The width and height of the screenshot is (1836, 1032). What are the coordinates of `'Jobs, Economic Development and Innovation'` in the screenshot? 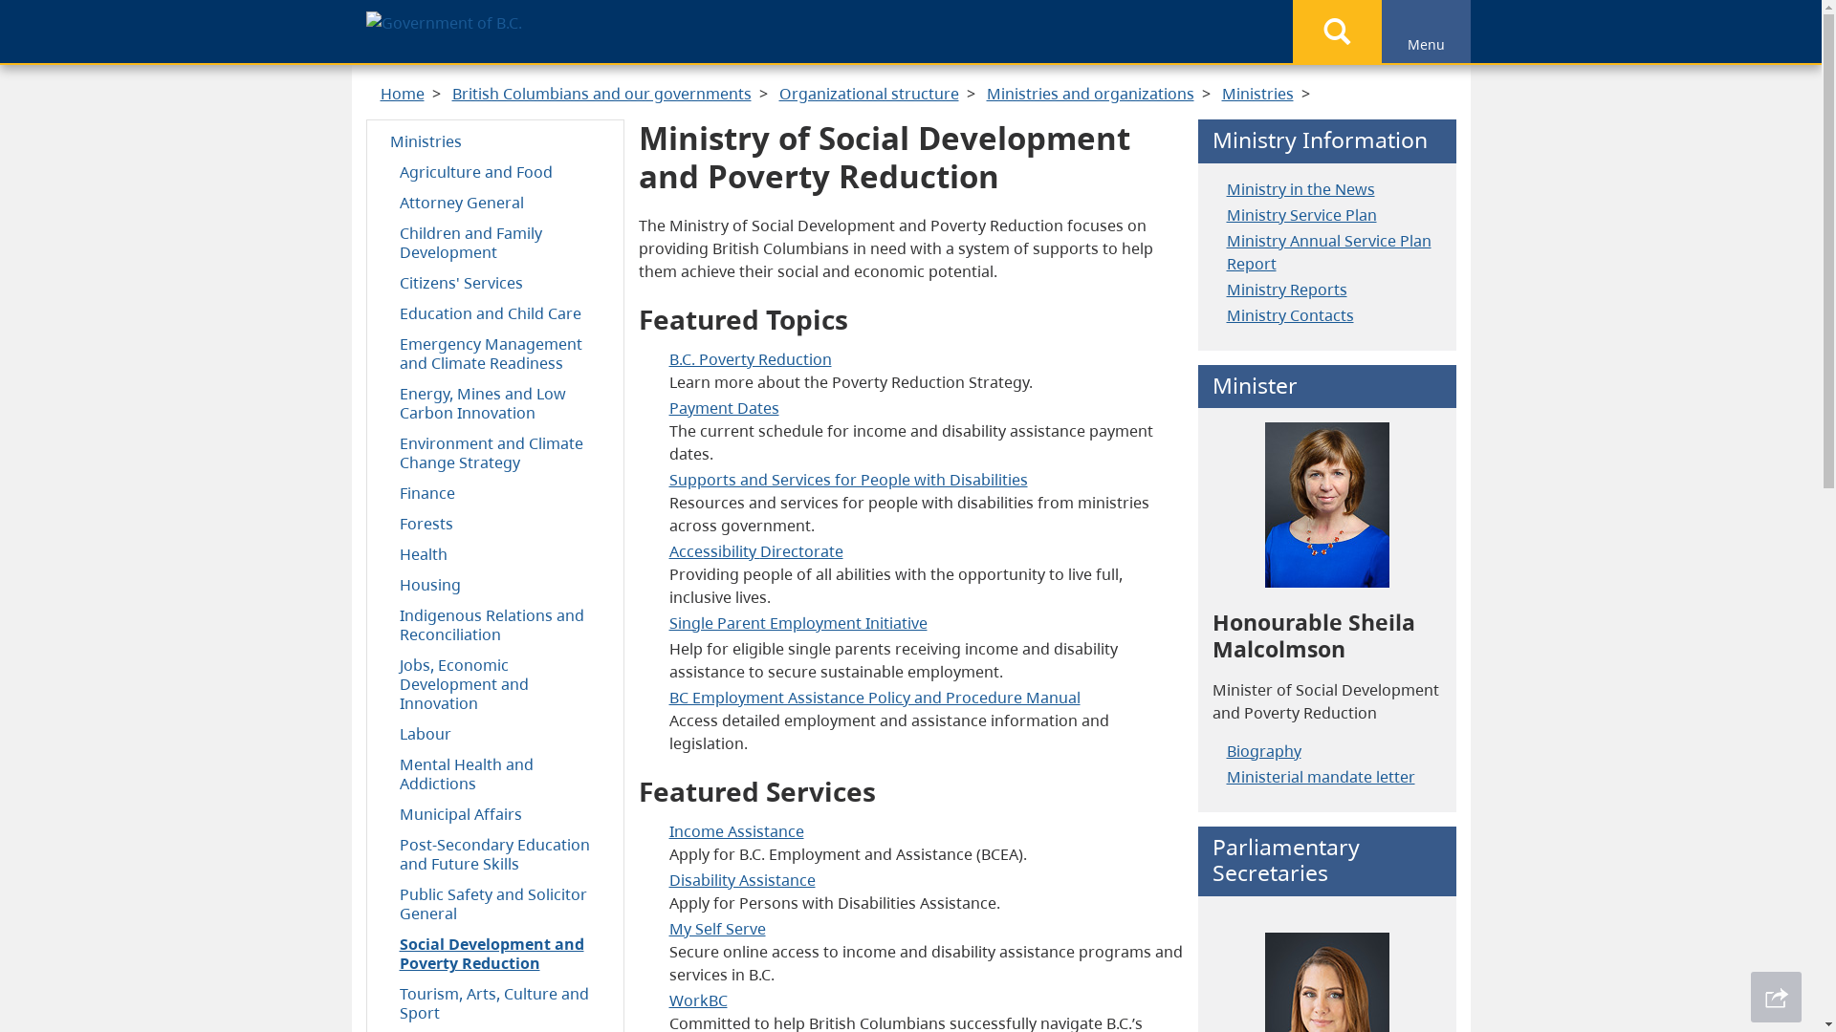 It's located at (495, 681).